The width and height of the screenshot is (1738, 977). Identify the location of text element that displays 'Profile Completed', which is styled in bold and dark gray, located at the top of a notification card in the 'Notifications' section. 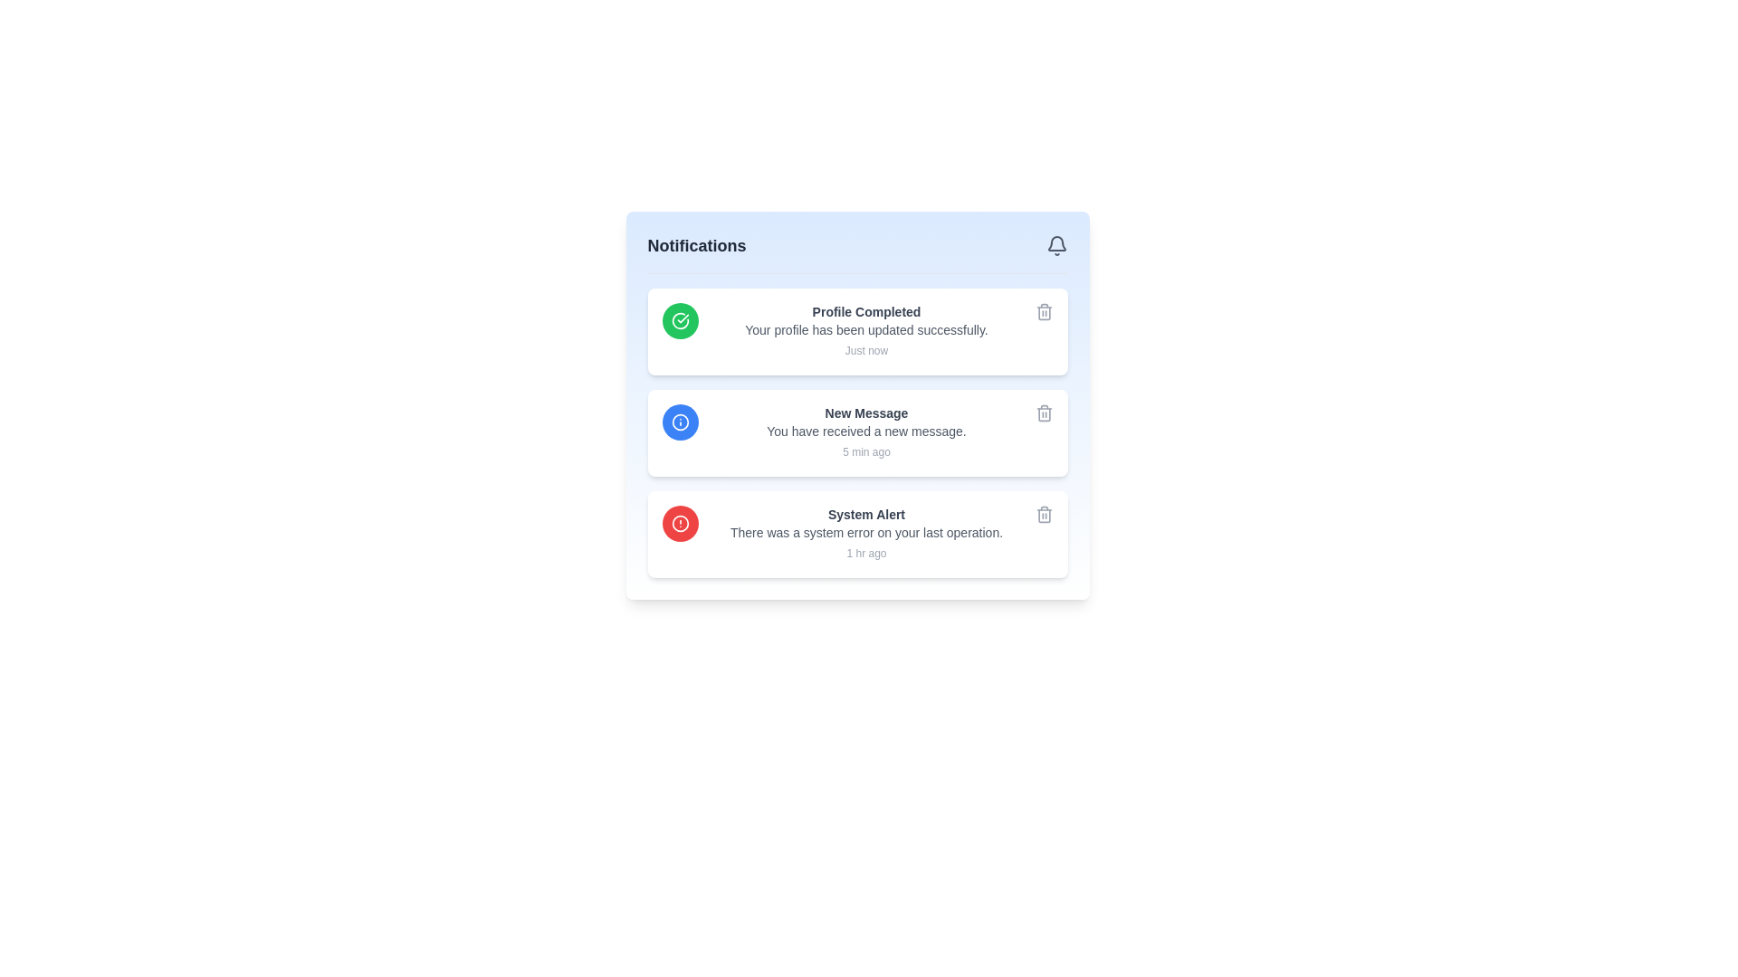
(865, 310).